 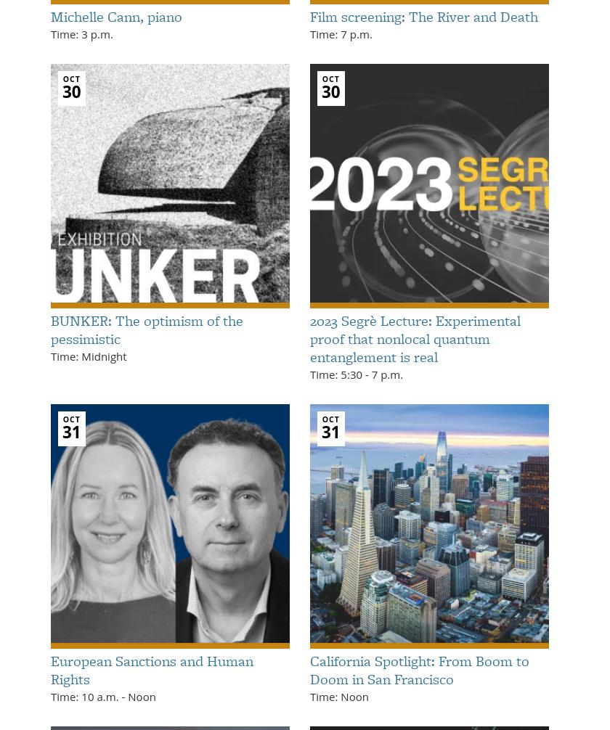 I want to click on 'European Sanctions and Human Rights', so click(x=50, y=668).